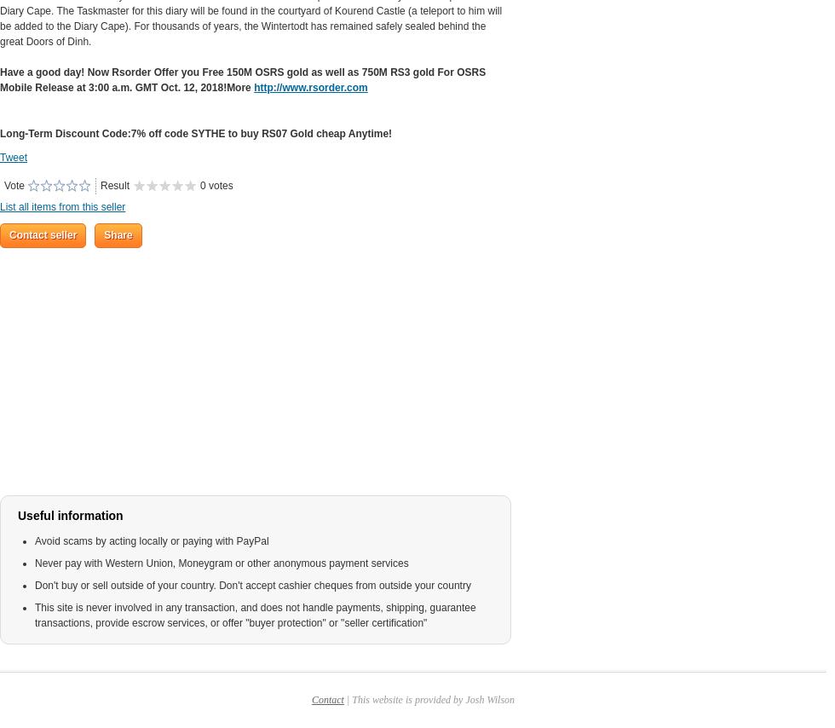  I want to click on 'Share', so click(104, 235).